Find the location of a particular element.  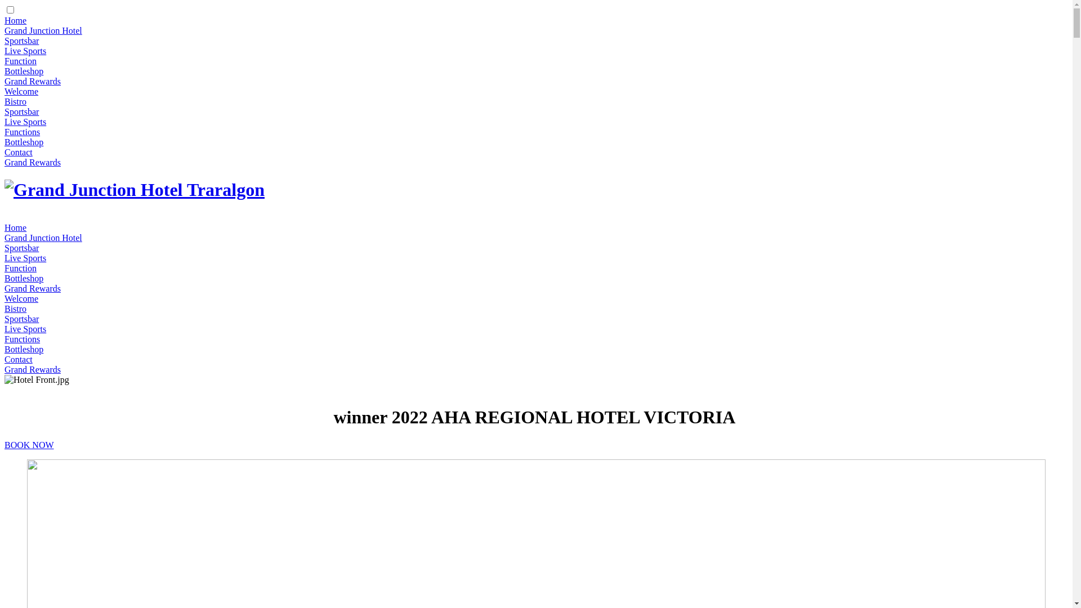

'Bottleshop' is located at coordinates (24, 141).